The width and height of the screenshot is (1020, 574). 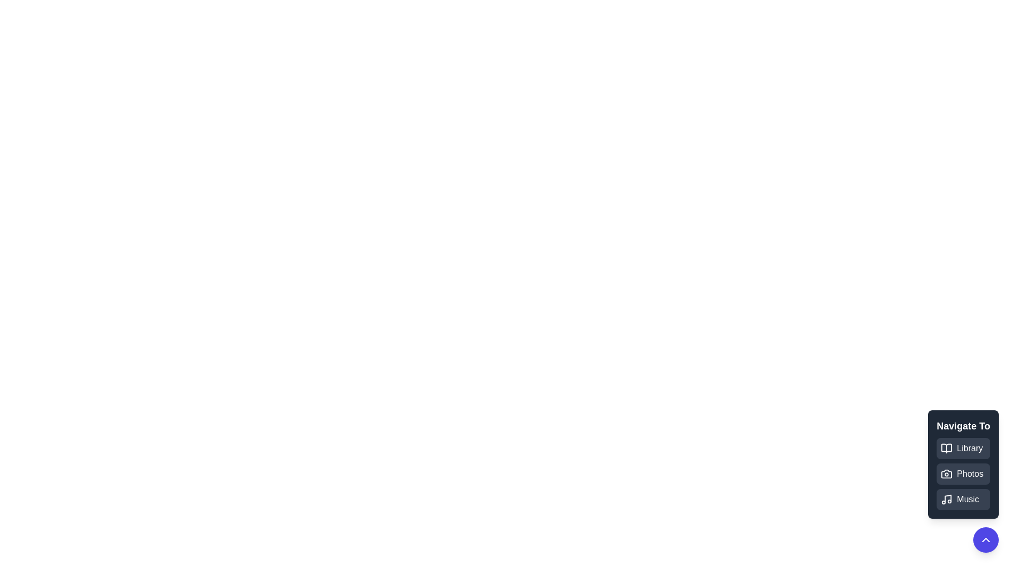 What do you see at coordinates (963, 500) in the screenshot?
I see `the option Music from the list of available options` at bounding box center [963, 500].